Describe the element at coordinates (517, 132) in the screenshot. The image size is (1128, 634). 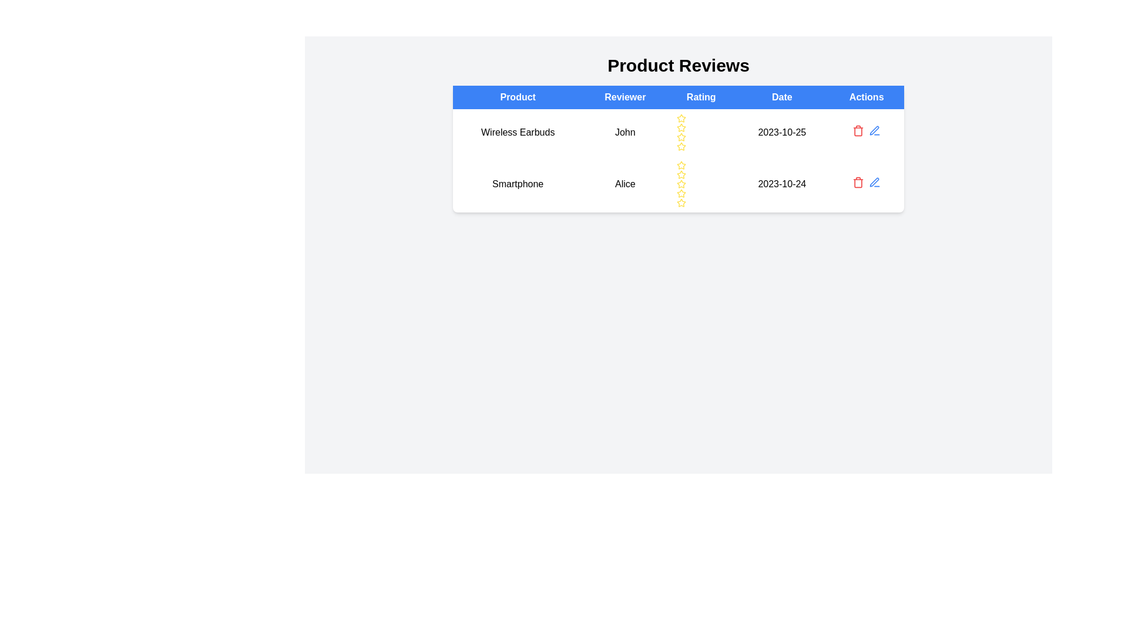
I see `the 'Wireless Earbuds' text label located in the 'Product' column of the 'Product Reviews' table` at that location.